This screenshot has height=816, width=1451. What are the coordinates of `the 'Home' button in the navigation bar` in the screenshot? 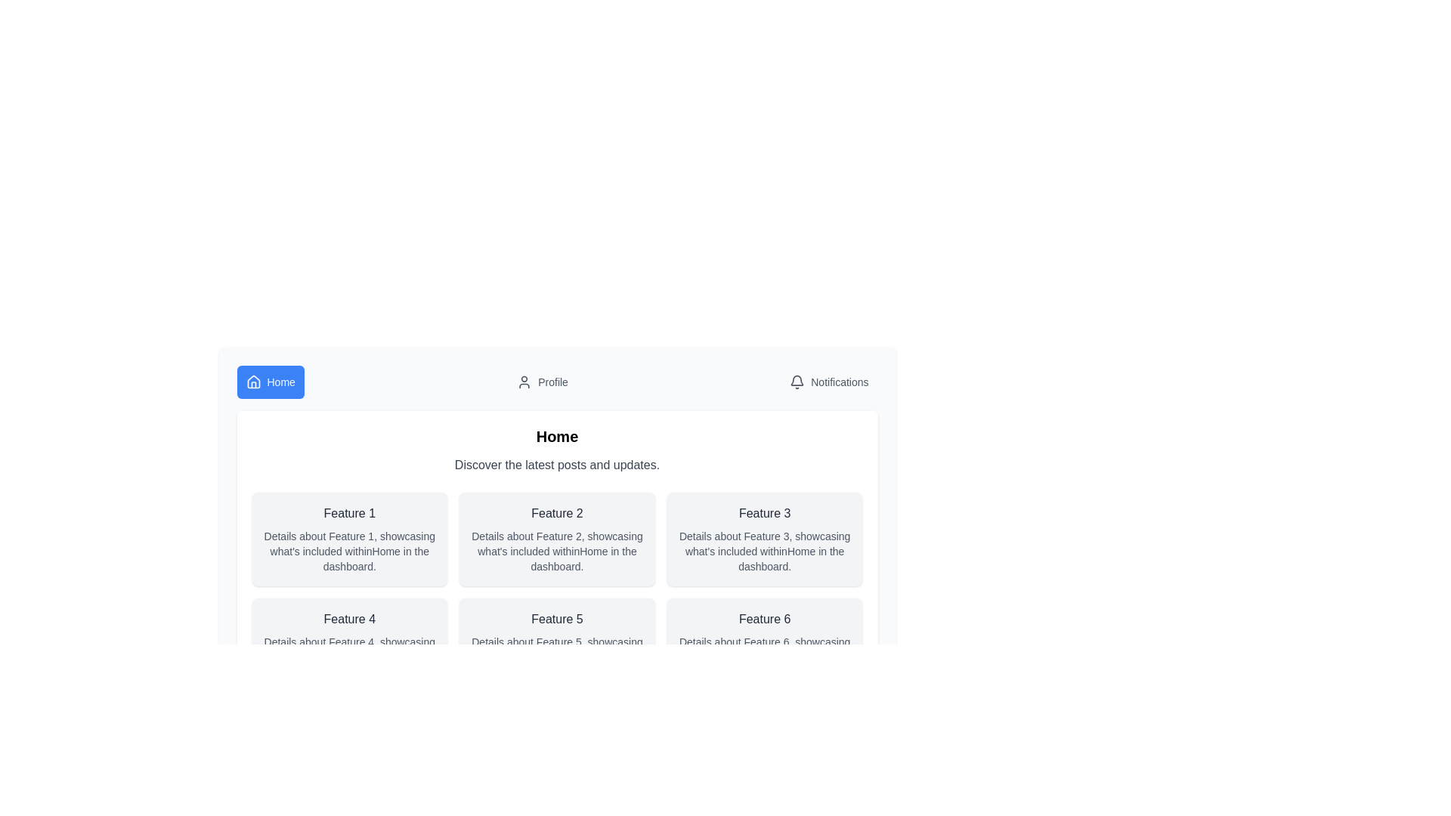 It's located at (556, 381).